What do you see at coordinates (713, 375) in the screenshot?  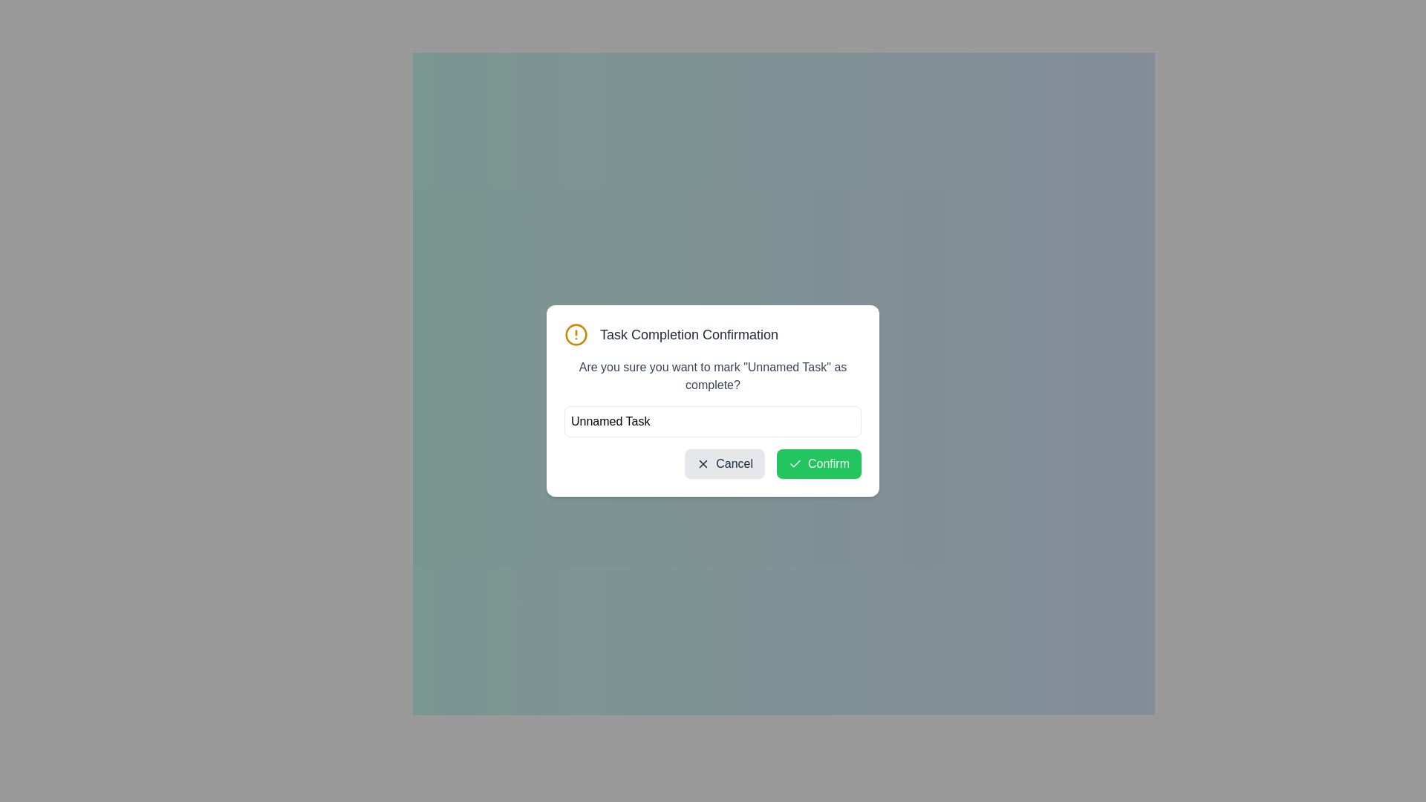 I see `the text block in the confirmation dialog that contains the message 'Are you sure you want to mark "Unnamed Task" as complete?'` at bounding box center [713, 375].